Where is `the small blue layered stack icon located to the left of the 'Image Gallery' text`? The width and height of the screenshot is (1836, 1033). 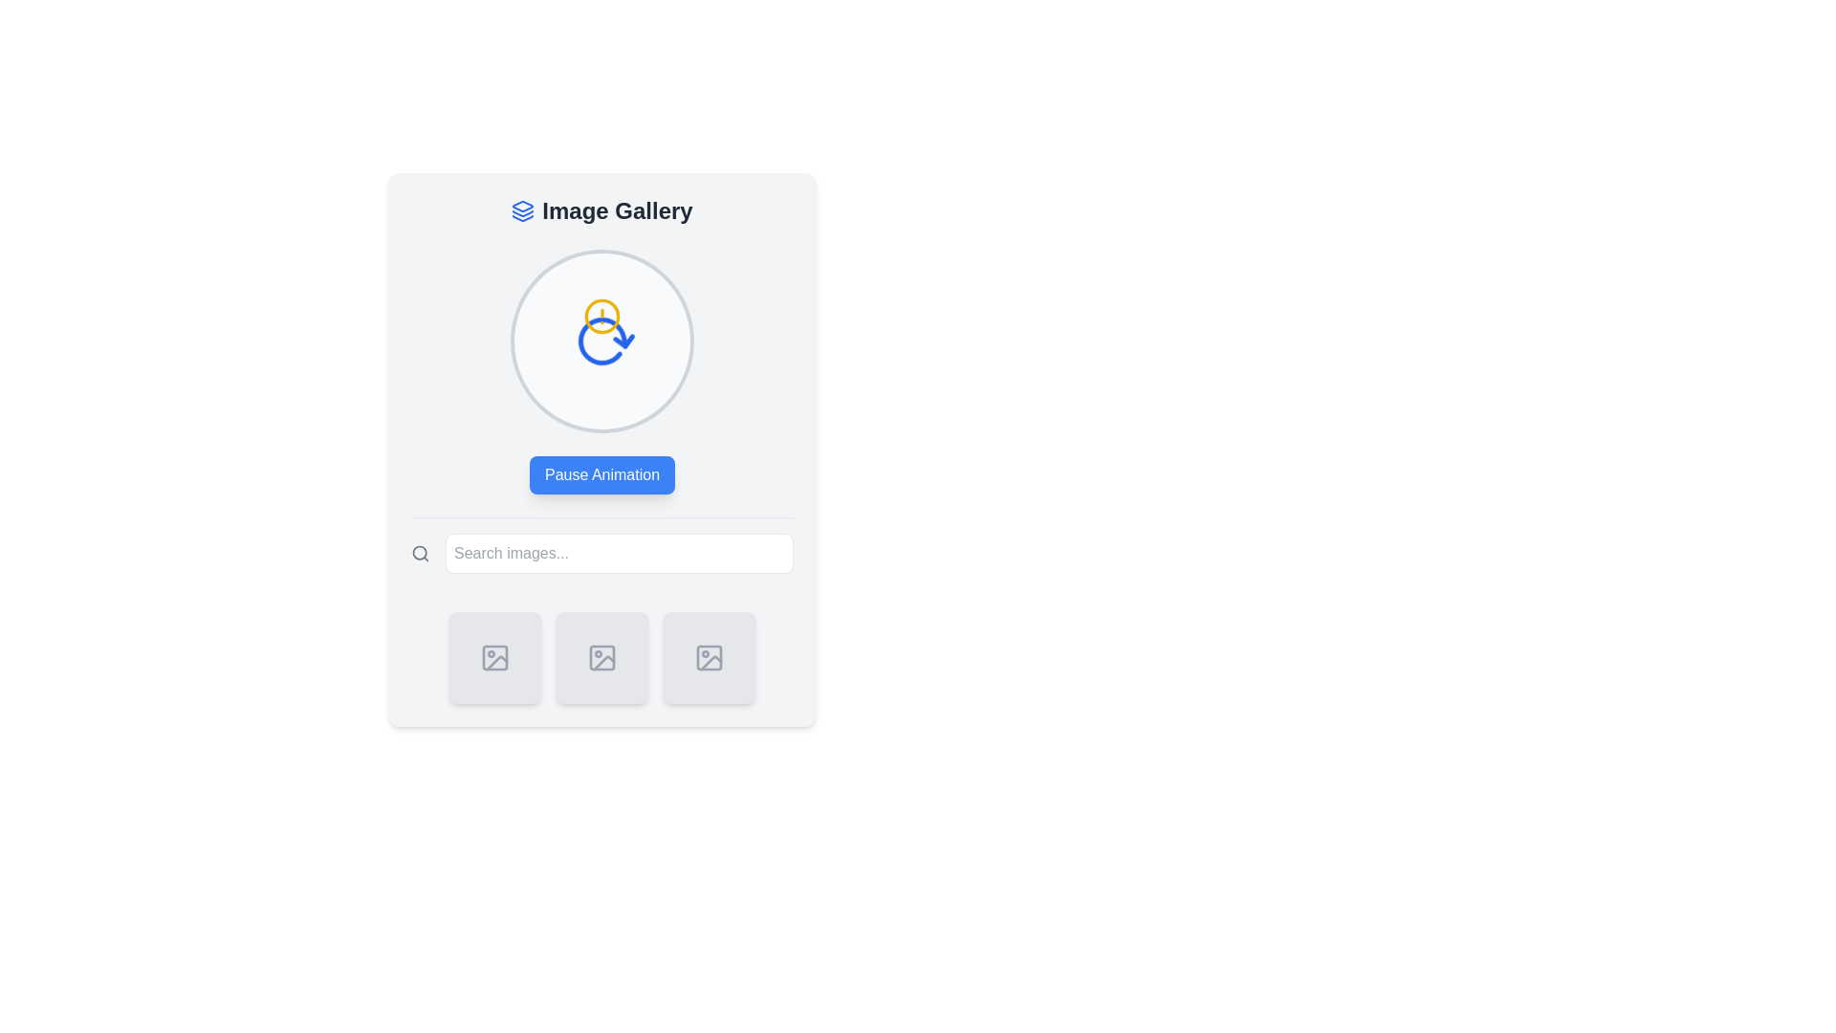 the small blue layered stack icon located to the left of the 'Image Gallery' text is located at coordinates (523, 210).